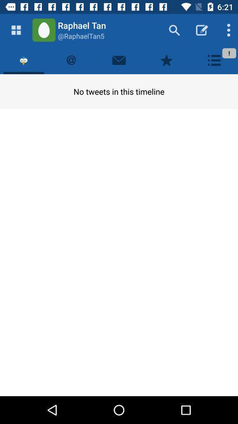 This screenshot has width=238, height=424. Describe the element at coordinates (71, 60) in the screenshot. I see `mentions` at that location.